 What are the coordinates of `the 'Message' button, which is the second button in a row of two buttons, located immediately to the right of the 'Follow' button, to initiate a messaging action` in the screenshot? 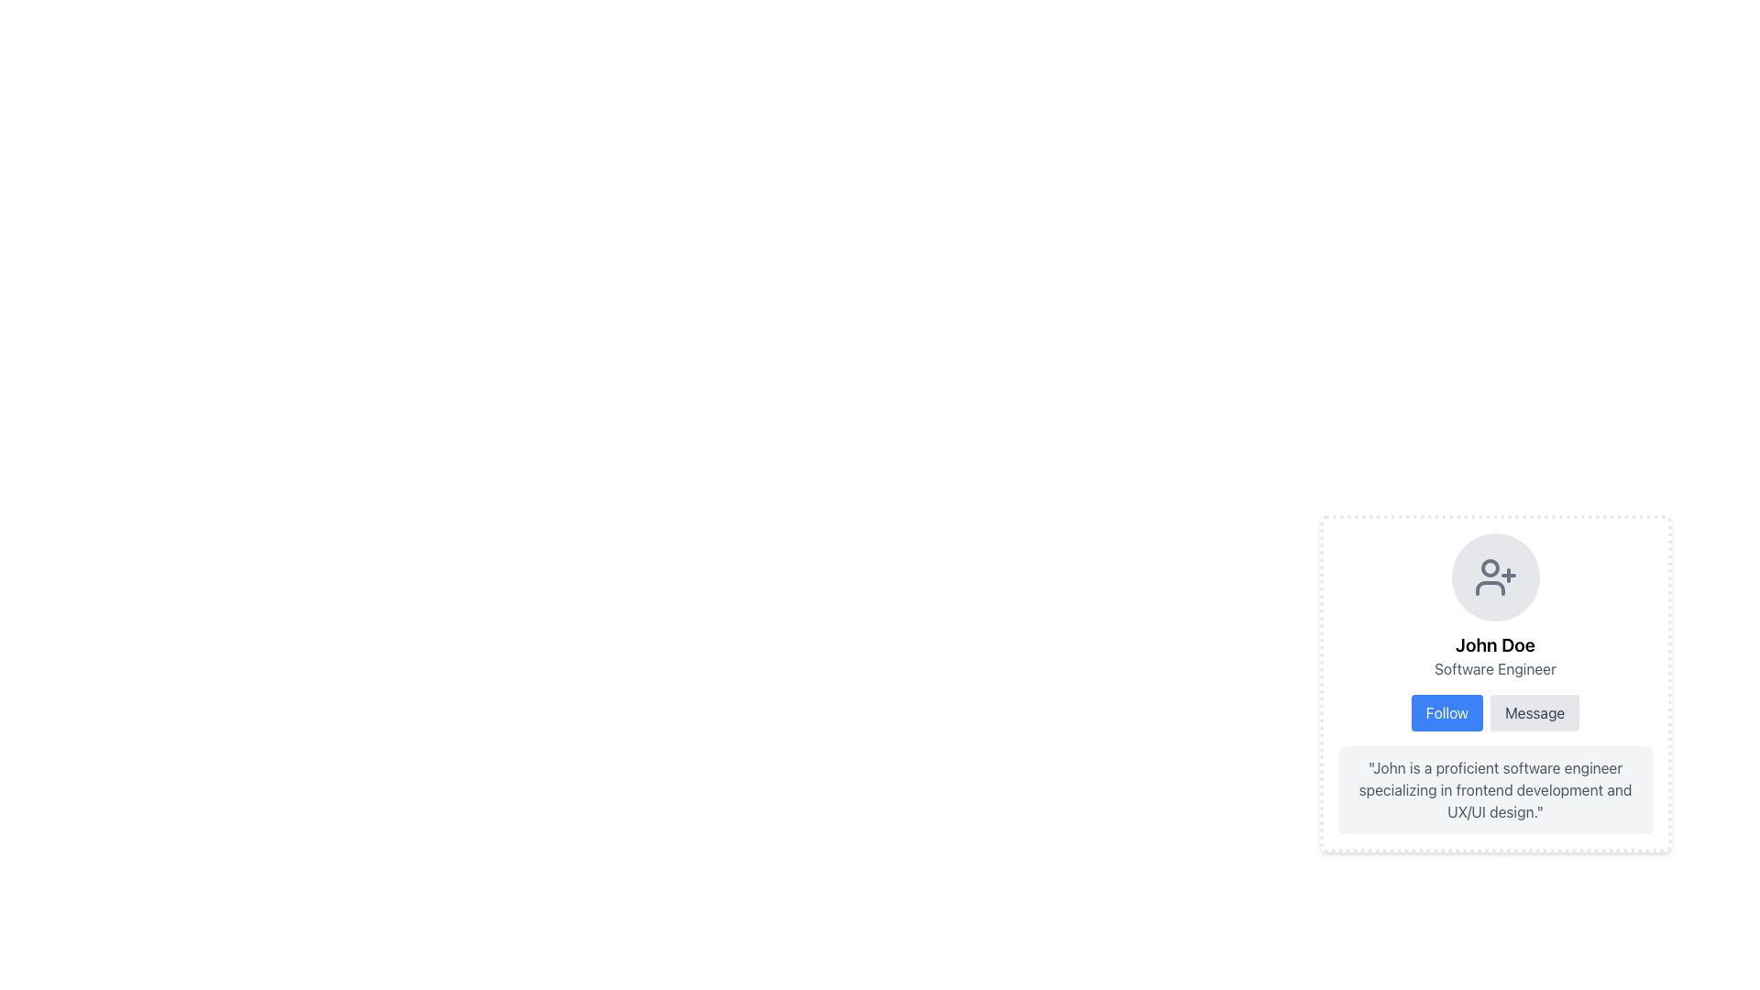 It's located at (1534, 712).